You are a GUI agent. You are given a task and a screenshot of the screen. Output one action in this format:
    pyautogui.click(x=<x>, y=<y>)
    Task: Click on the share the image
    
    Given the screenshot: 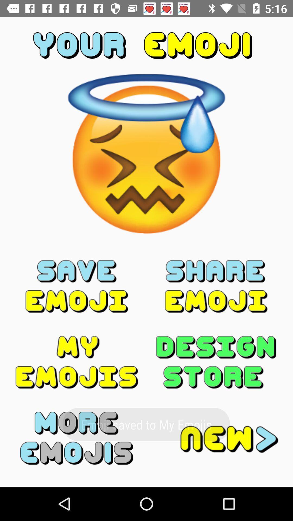 What is the action you would take?
    pyautogui.click(x=216, y=286)
    